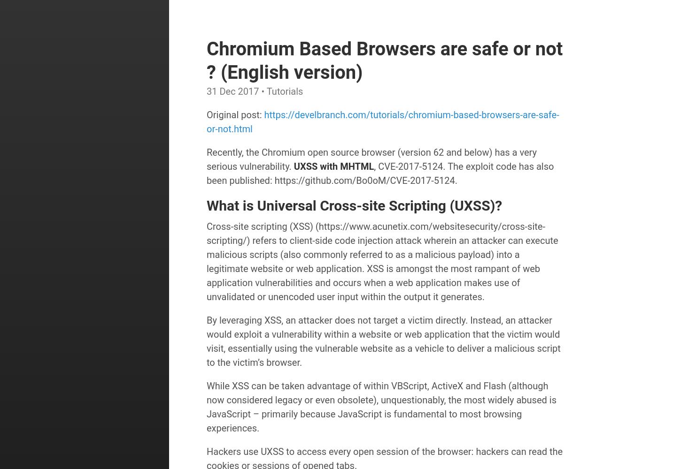 The height and width of the screenshot is (469, 681). I want to click on 'UXSS with MHTML', so click(293, 166).